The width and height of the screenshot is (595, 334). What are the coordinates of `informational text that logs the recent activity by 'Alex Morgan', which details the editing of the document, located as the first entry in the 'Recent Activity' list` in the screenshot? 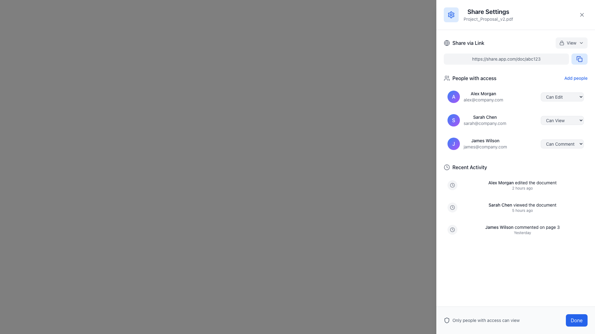 It's located at (522, 182).